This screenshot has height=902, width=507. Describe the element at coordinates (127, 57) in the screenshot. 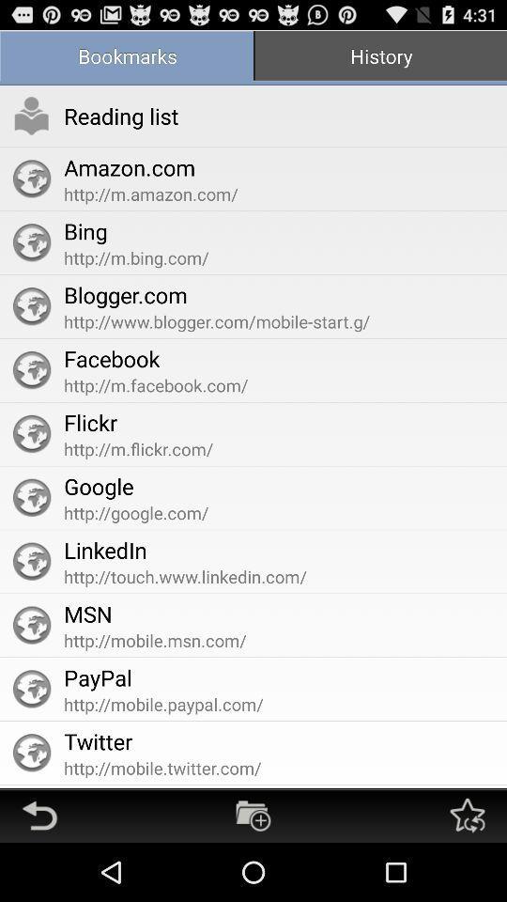

I see `the app to the left of the history item` at that location.